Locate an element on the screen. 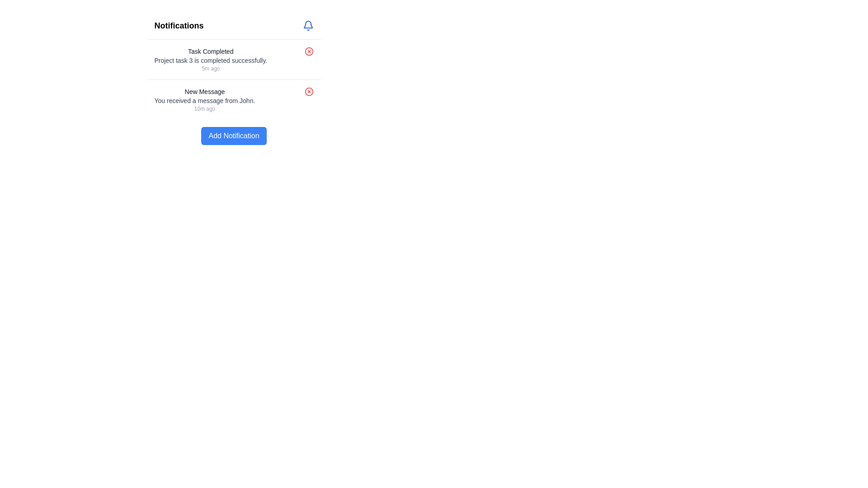 The image size is (868, 488). bold text label saying 'Notifications' located at the upper-left corner of its section is located at coordinates (179, 25).